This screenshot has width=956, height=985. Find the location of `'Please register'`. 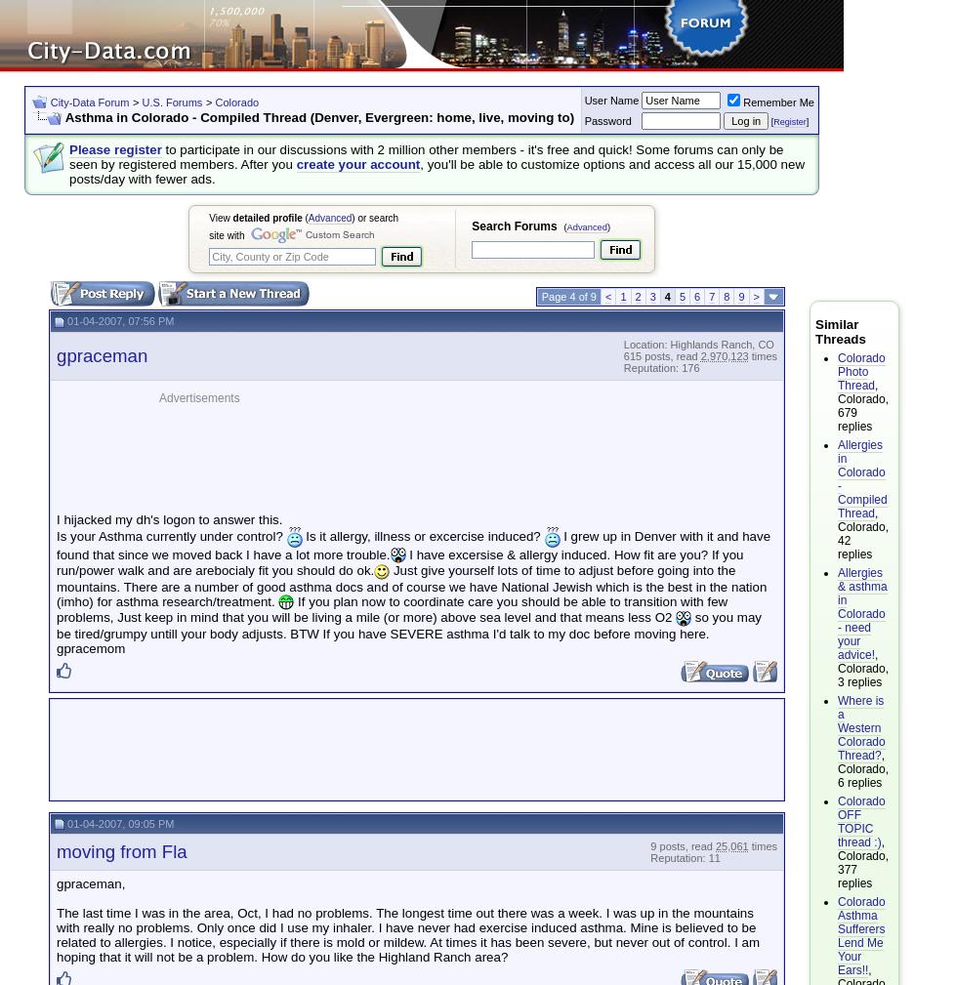

'Please register' is located at coordinates (114, 148).